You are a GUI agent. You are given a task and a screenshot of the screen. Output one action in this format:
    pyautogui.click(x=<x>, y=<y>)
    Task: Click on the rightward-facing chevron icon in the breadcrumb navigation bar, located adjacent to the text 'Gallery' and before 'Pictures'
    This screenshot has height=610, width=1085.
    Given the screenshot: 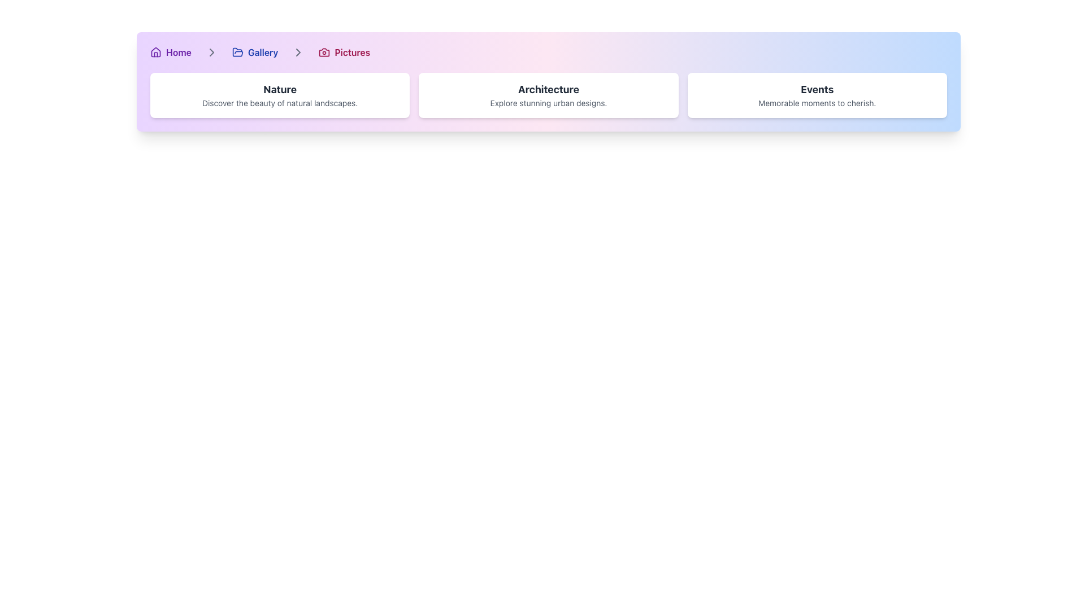 What is the action you would take?
    pyautogui.click(x=211, y=52)
    